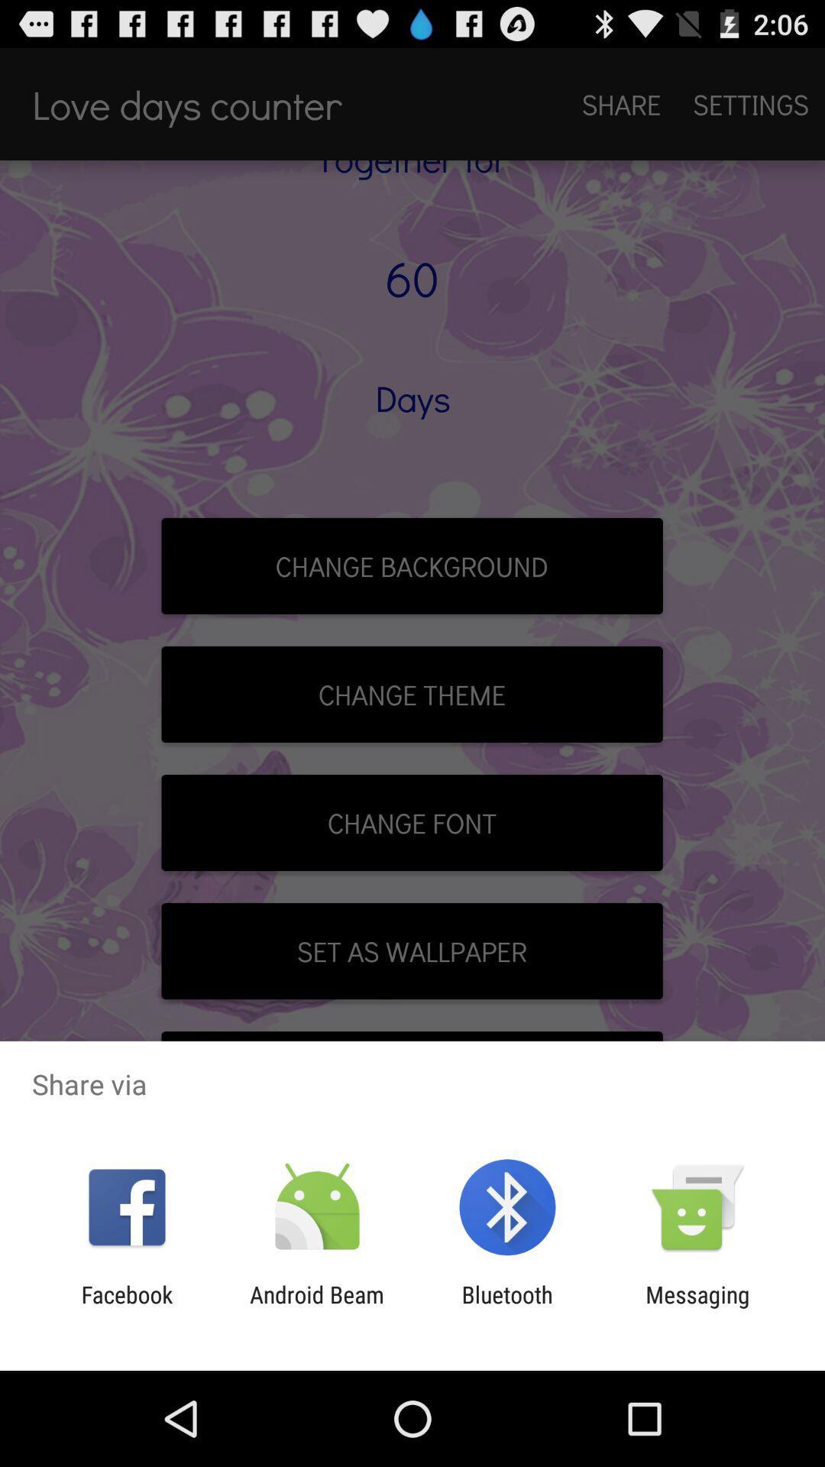 Image resolution: width=825 pixels, height=1467 pixels. I want to click on app to the right of the android beam, so click(507, 1307).